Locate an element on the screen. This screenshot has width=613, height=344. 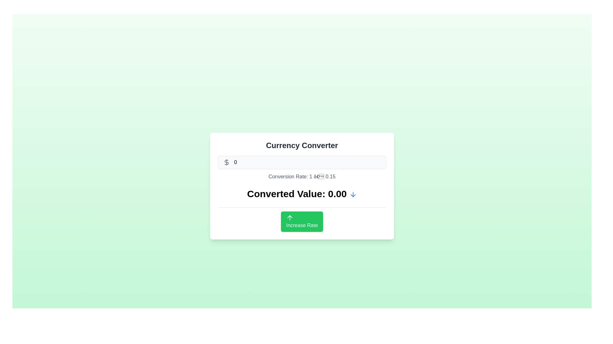
the text label displaying the current exchange rate in the currency converter interface, located below the input field and above the 'Converted Value' display is located at coordinates (301, 176).